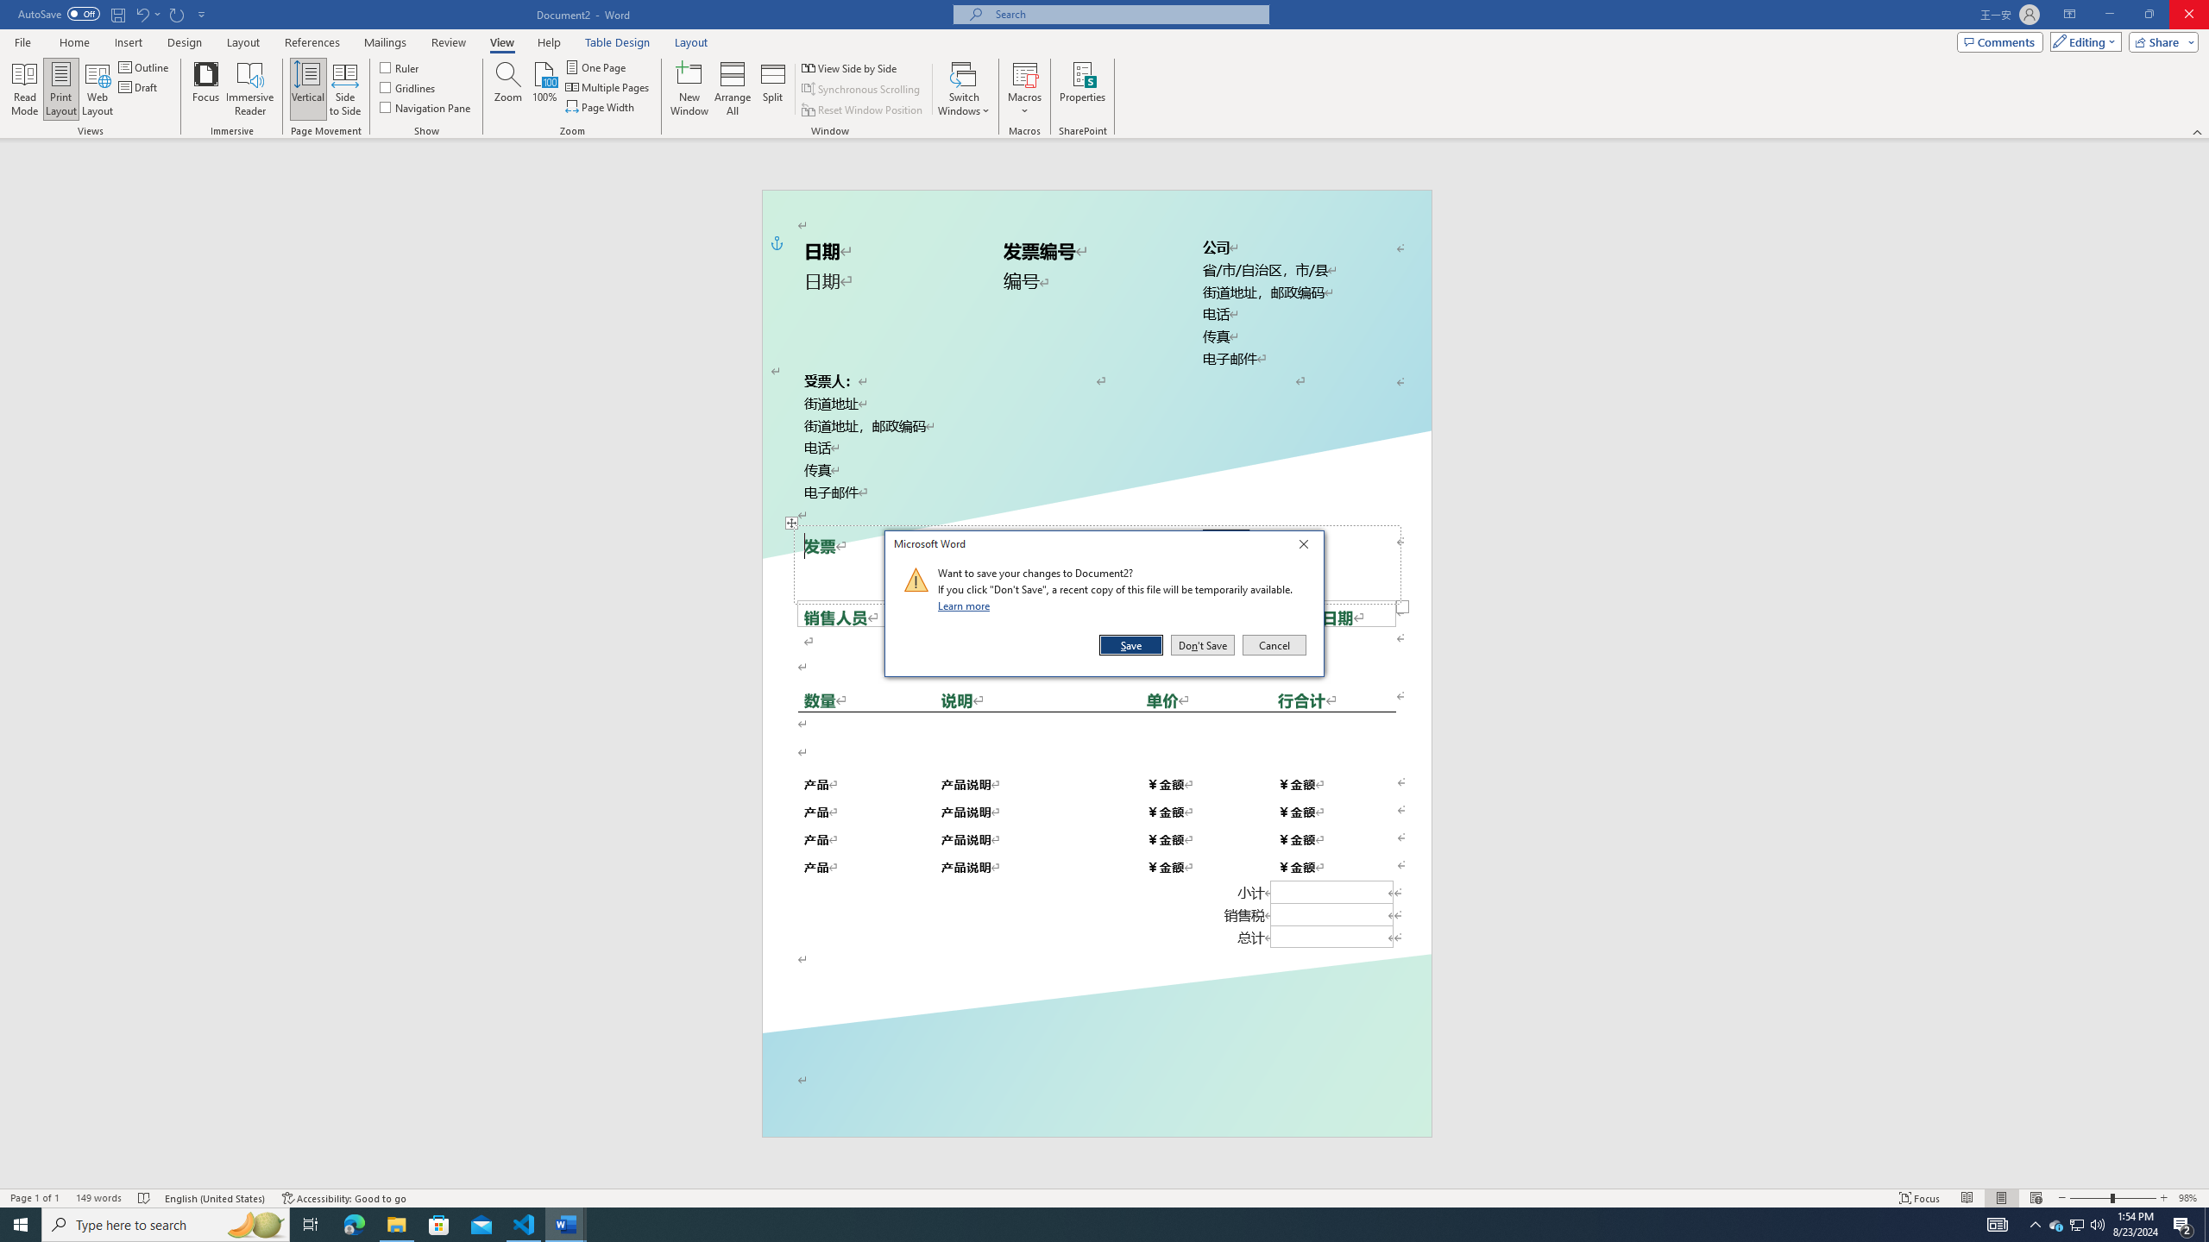 The image size is (2209, 1242). I want to click on 'Side to Side', so click(344, 89).